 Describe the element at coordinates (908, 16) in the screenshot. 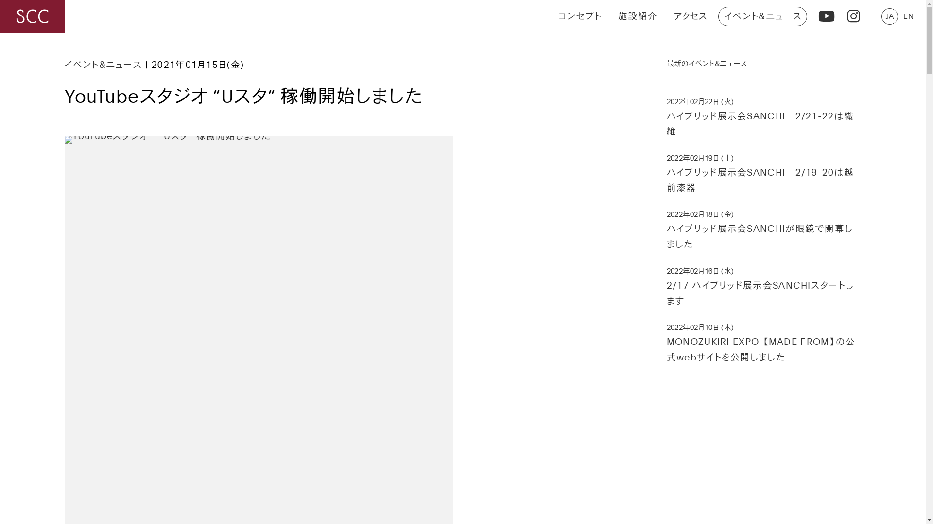

I see `'EN'` at that location.